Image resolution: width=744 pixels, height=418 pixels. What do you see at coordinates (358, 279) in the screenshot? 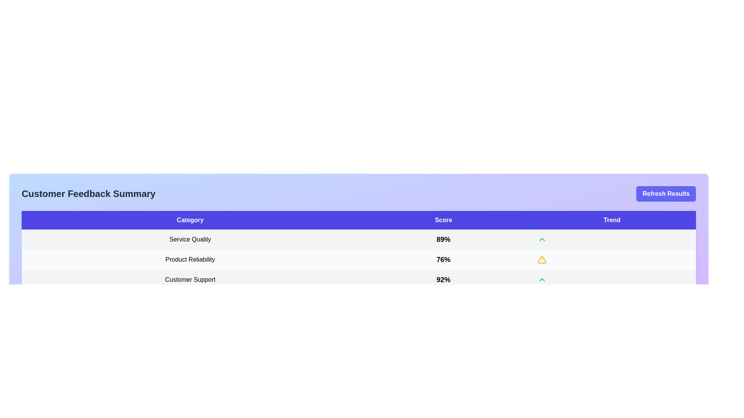
I see `the row corresponding to Customer Support to highlight it` at bounding box center [358, 279].